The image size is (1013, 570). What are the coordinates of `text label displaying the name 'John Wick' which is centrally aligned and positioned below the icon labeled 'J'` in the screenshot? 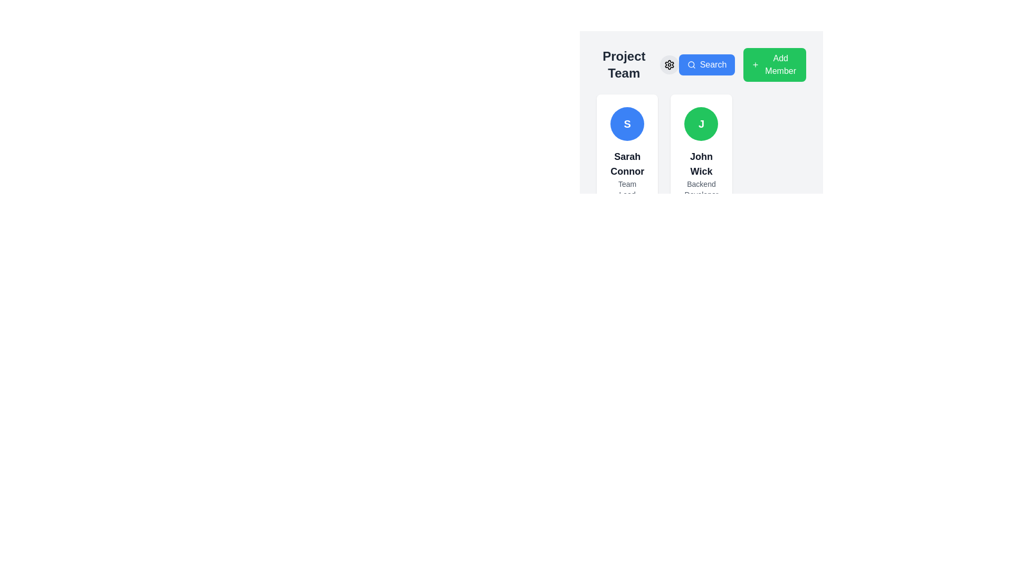 It's located at (701, 164).